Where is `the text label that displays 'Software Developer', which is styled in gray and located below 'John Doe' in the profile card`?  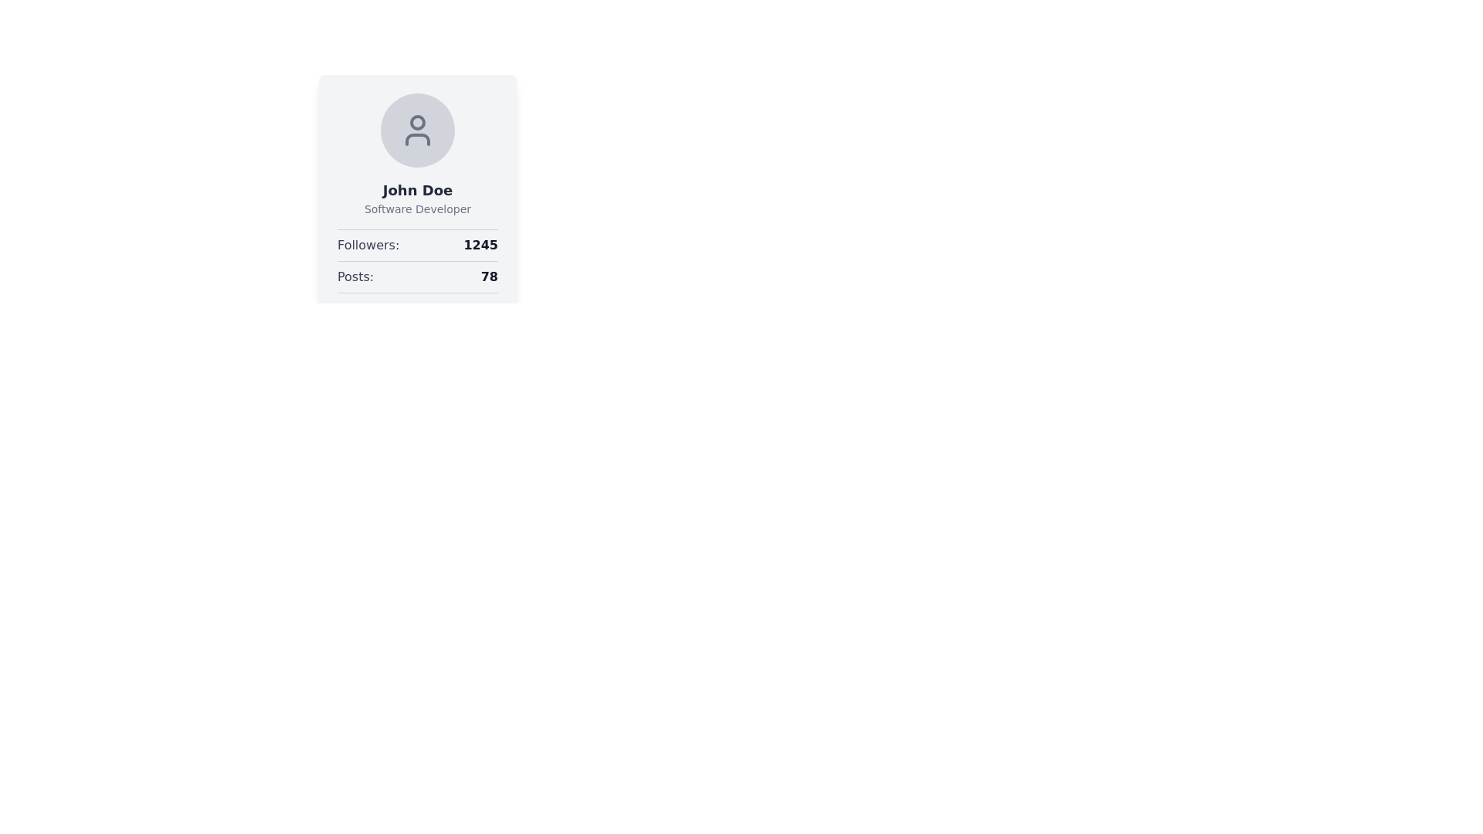 the text label that displays 'Software Developer', which is styled in gray and located below 'John Doe' in the profile card is located at coordinates (418, 208).